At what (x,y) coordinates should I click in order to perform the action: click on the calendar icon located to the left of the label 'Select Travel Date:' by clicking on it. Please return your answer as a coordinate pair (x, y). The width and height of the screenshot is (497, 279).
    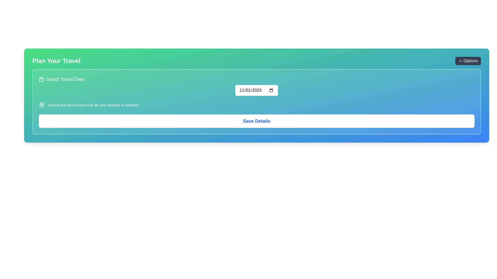
    Looking at the image, I should click on (41, 79).